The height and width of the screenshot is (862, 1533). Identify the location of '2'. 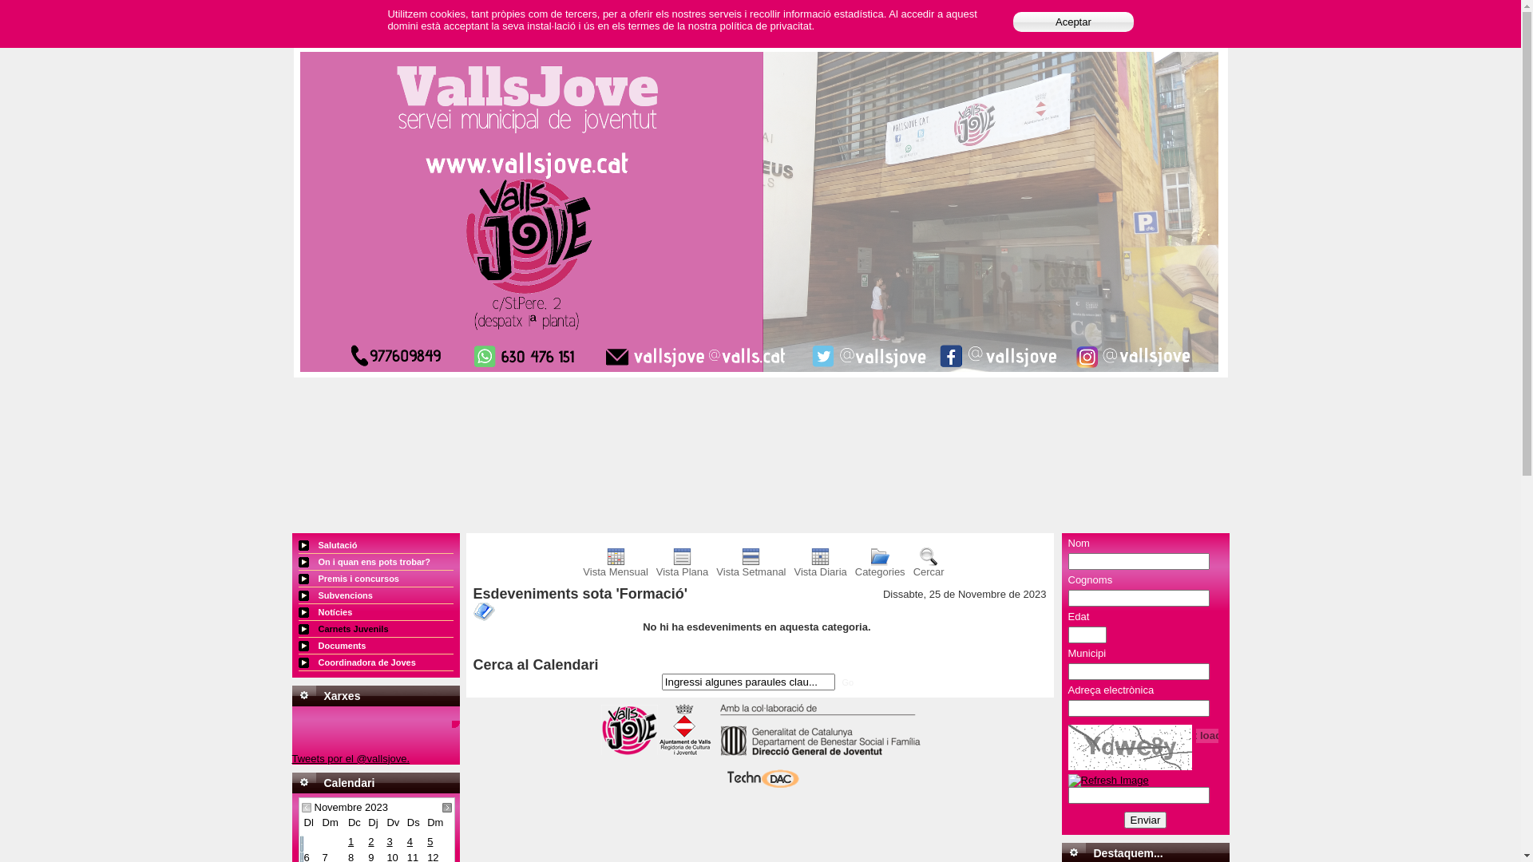
(366, 840).